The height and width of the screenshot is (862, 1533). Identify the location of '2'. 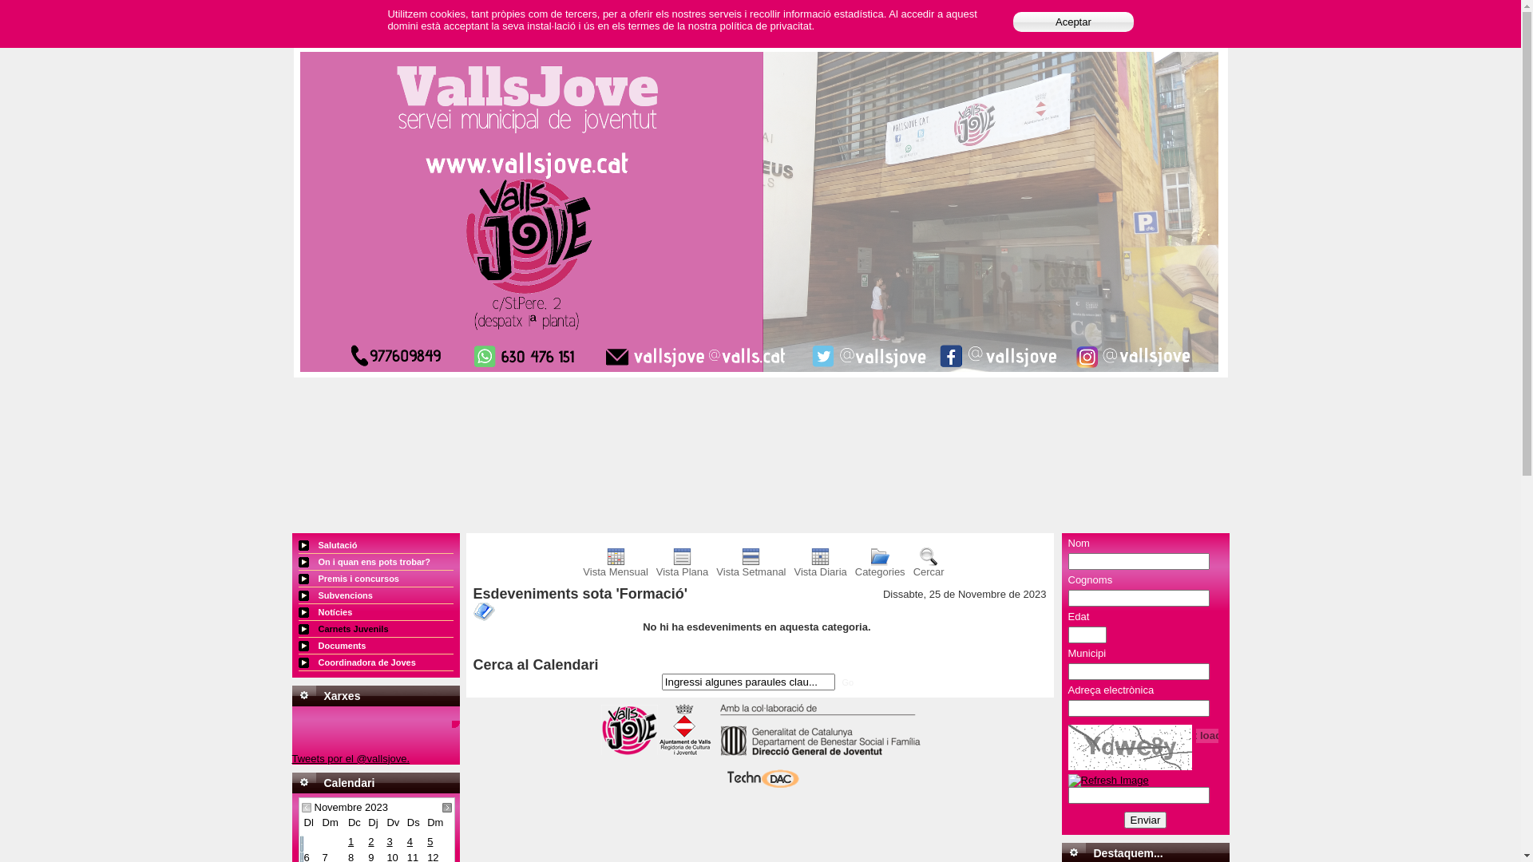
(366, 840).